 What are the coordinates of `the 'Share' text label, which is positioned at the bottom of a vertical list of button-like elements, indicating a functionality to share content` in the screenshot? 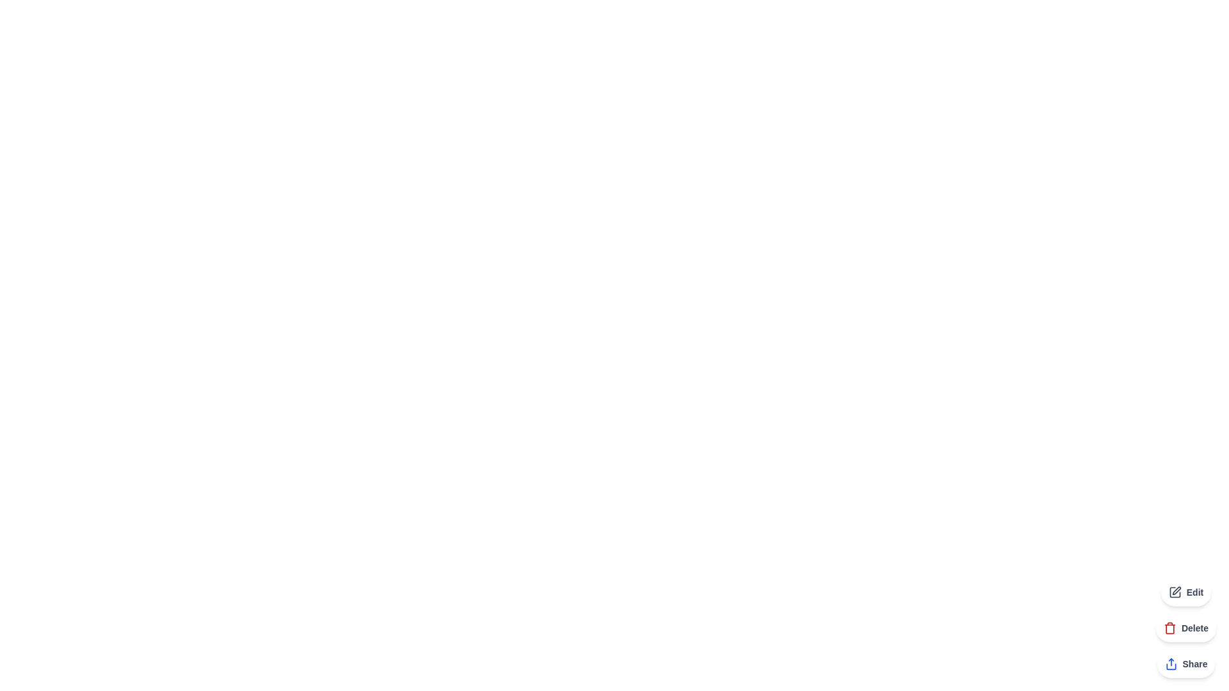 It's located at (1194, 663).